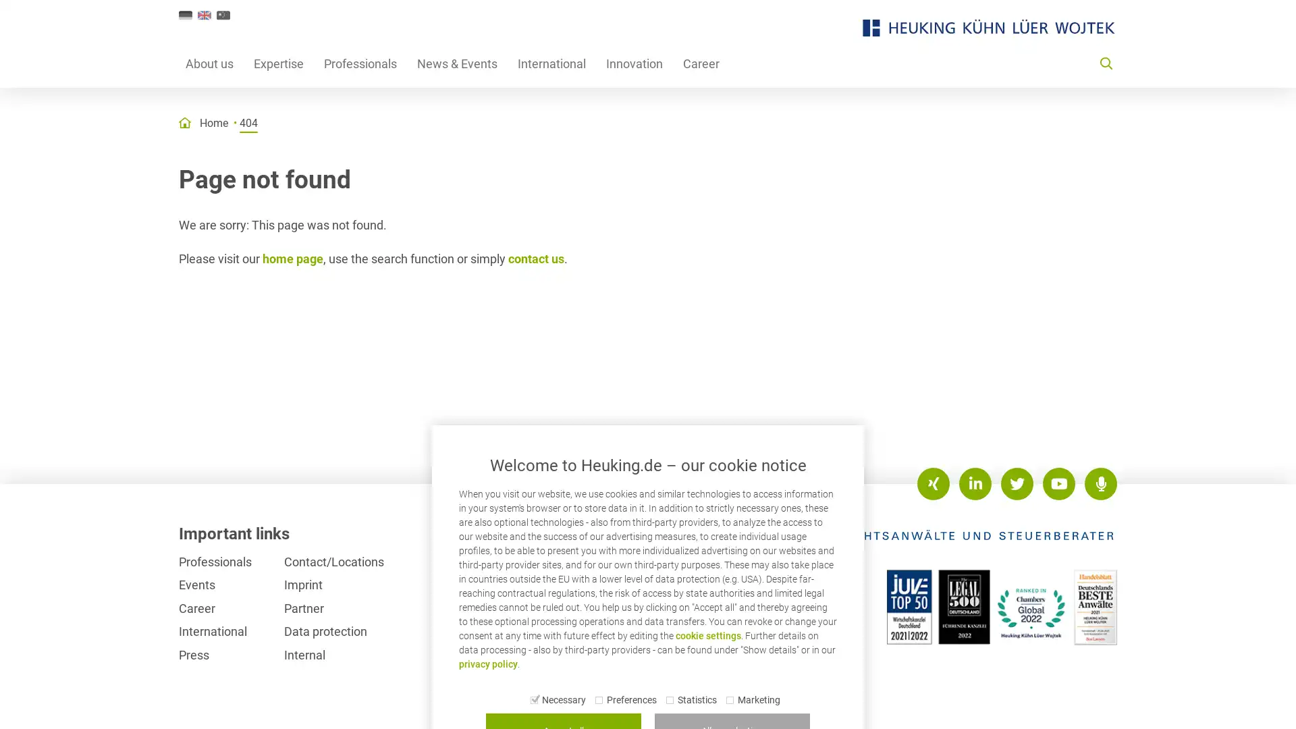 The image size is (1296, 729). What do you see at coordinates (932, 483) in the screenshot?
I see `XING` at bounding box center [932, 483].